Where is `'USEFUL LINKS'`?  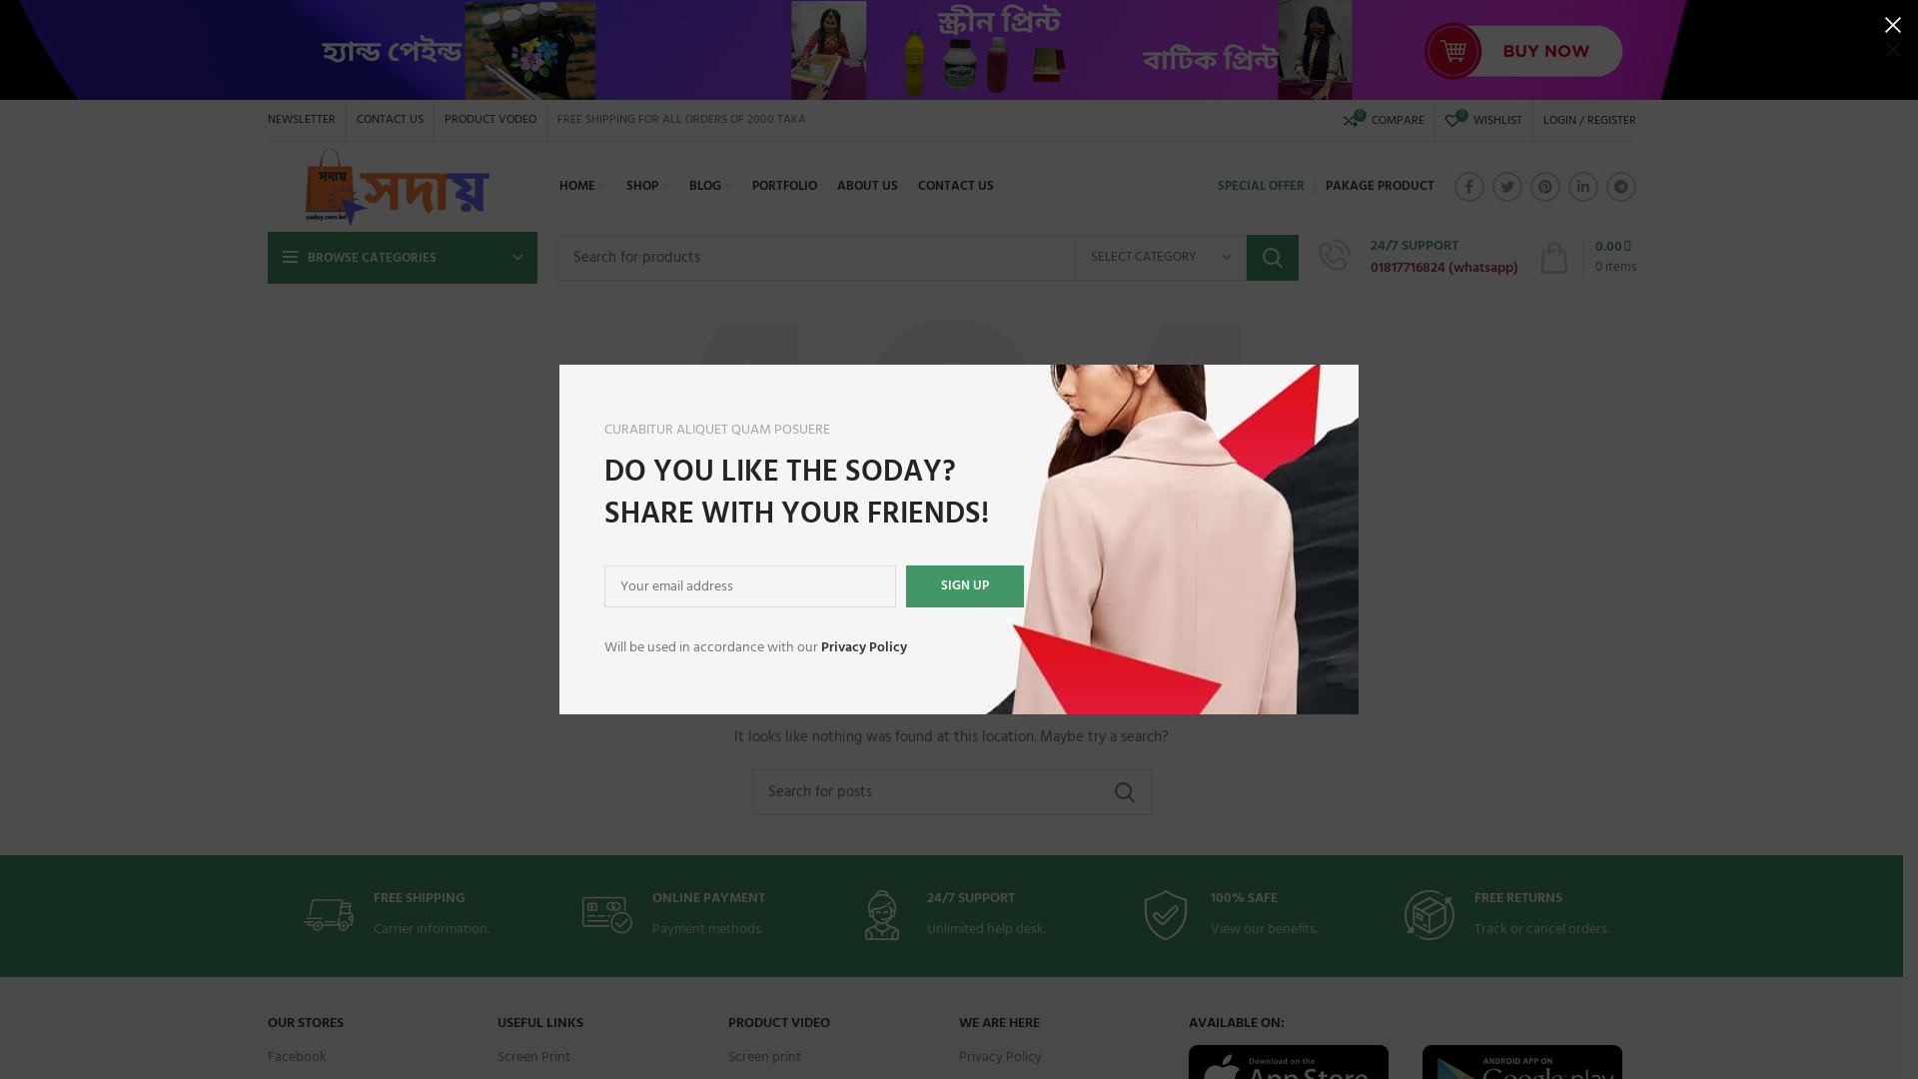 'USEFUL LINKS' is located at coordinates (601, 1024).